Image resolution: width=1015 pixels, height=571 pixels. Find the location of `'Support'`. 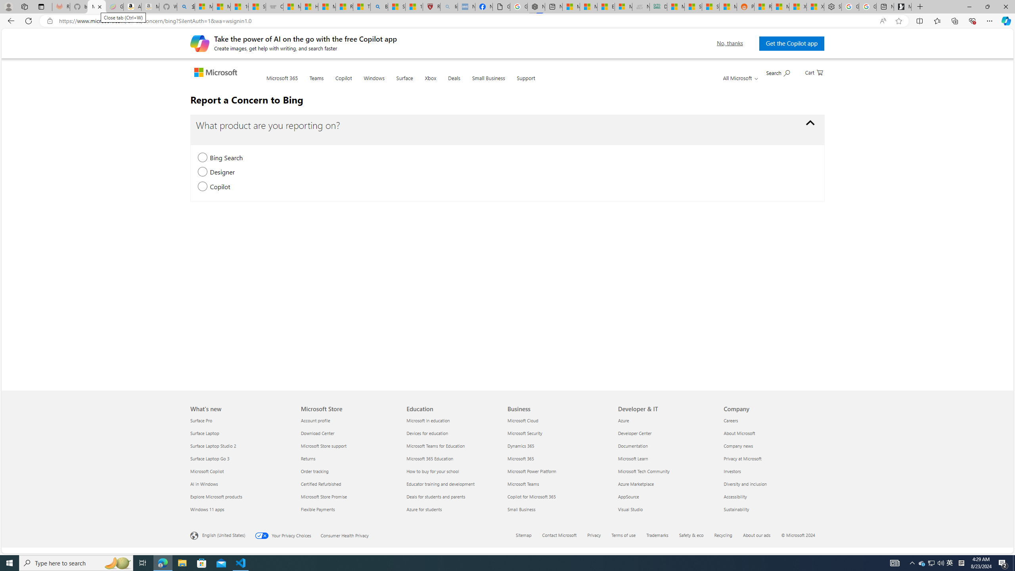

'Support' is located at coordinates (525, 82).